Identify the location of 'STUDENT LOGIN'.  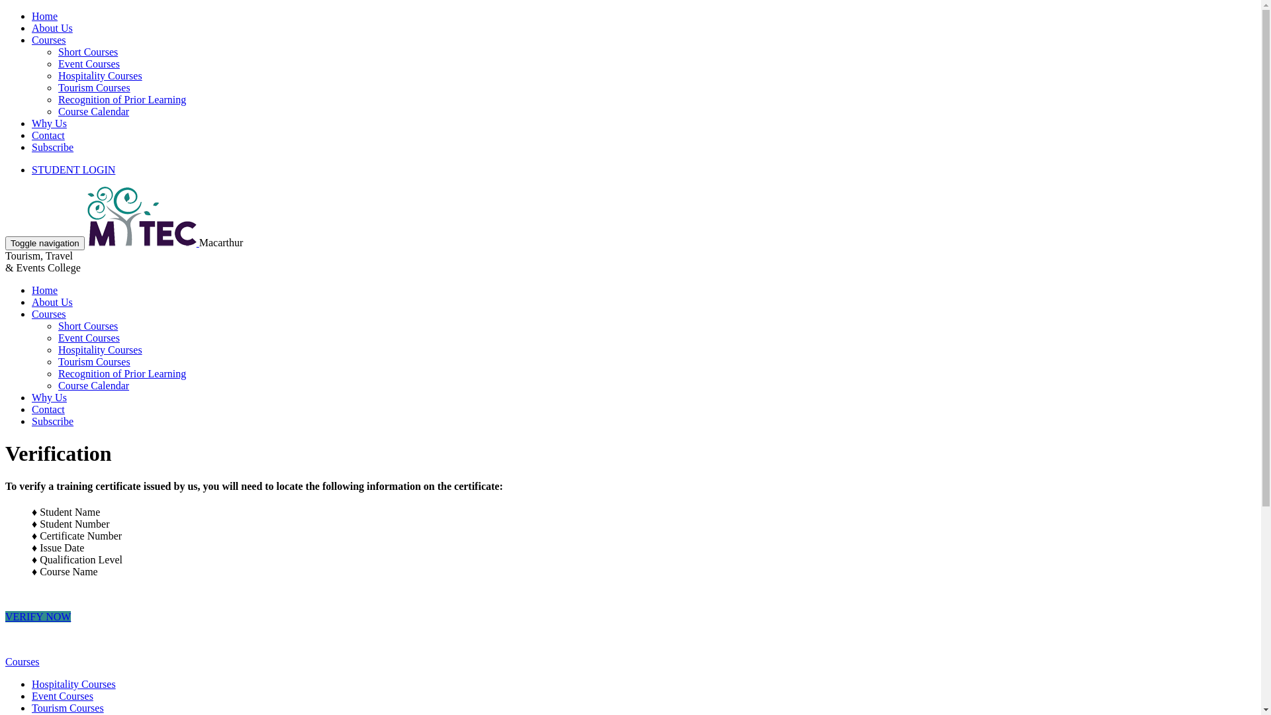
(72, 169).